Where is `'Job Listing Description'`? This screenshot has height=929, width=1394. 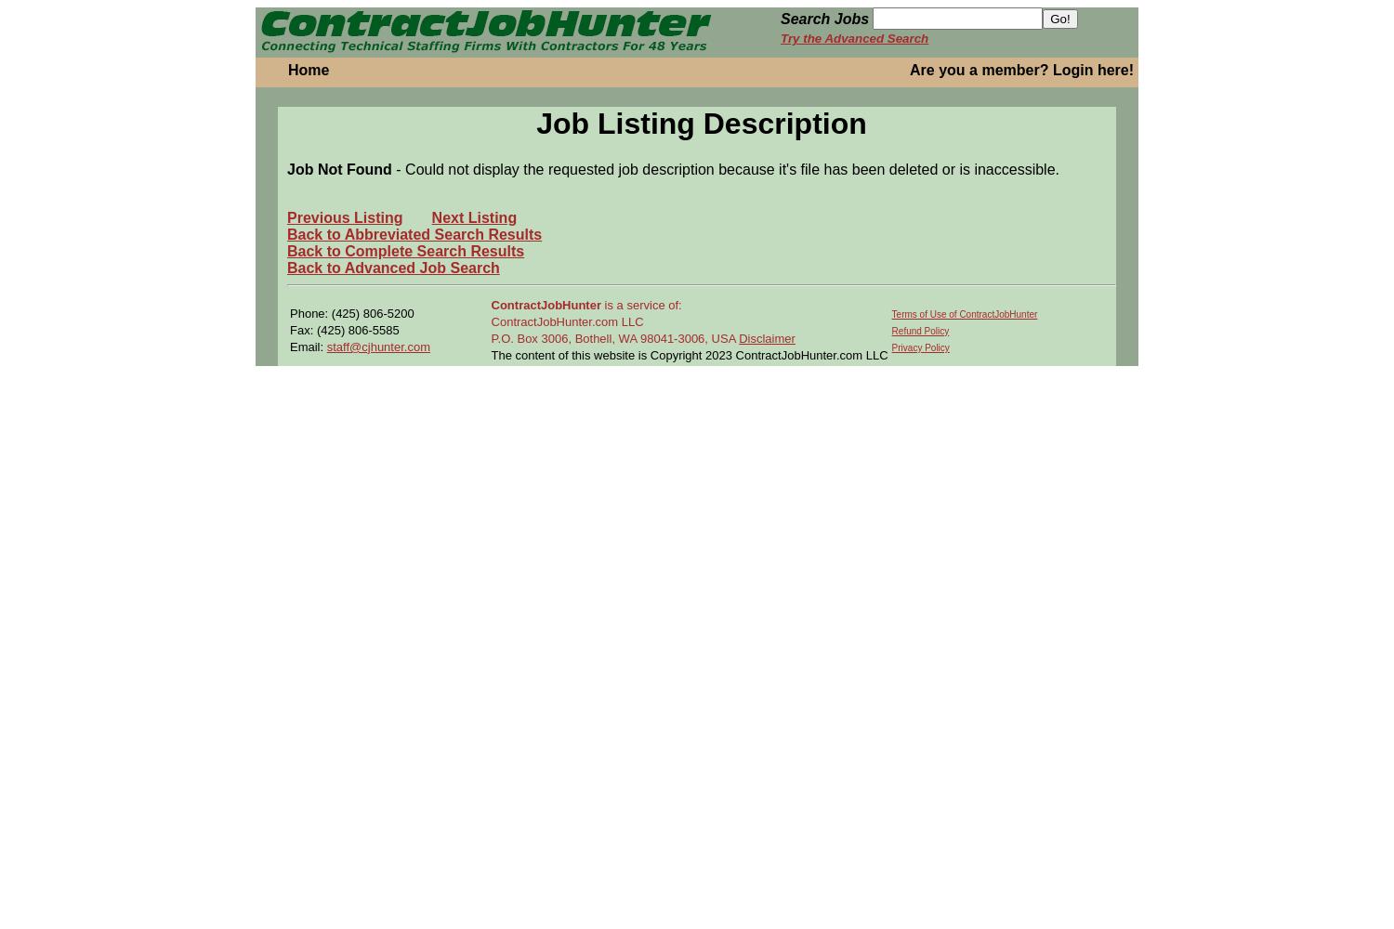 'Job Listing Description' is located at coordinates (701, 124).